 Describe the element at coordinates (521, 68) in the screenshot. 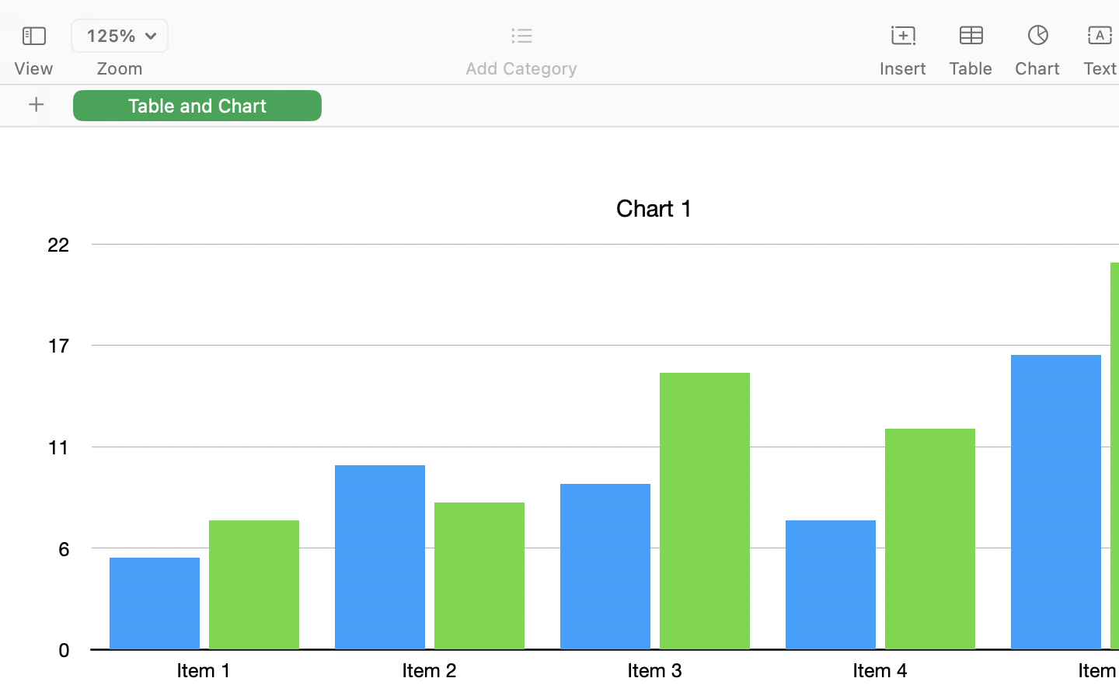

I see `'Add Category'` at that location.